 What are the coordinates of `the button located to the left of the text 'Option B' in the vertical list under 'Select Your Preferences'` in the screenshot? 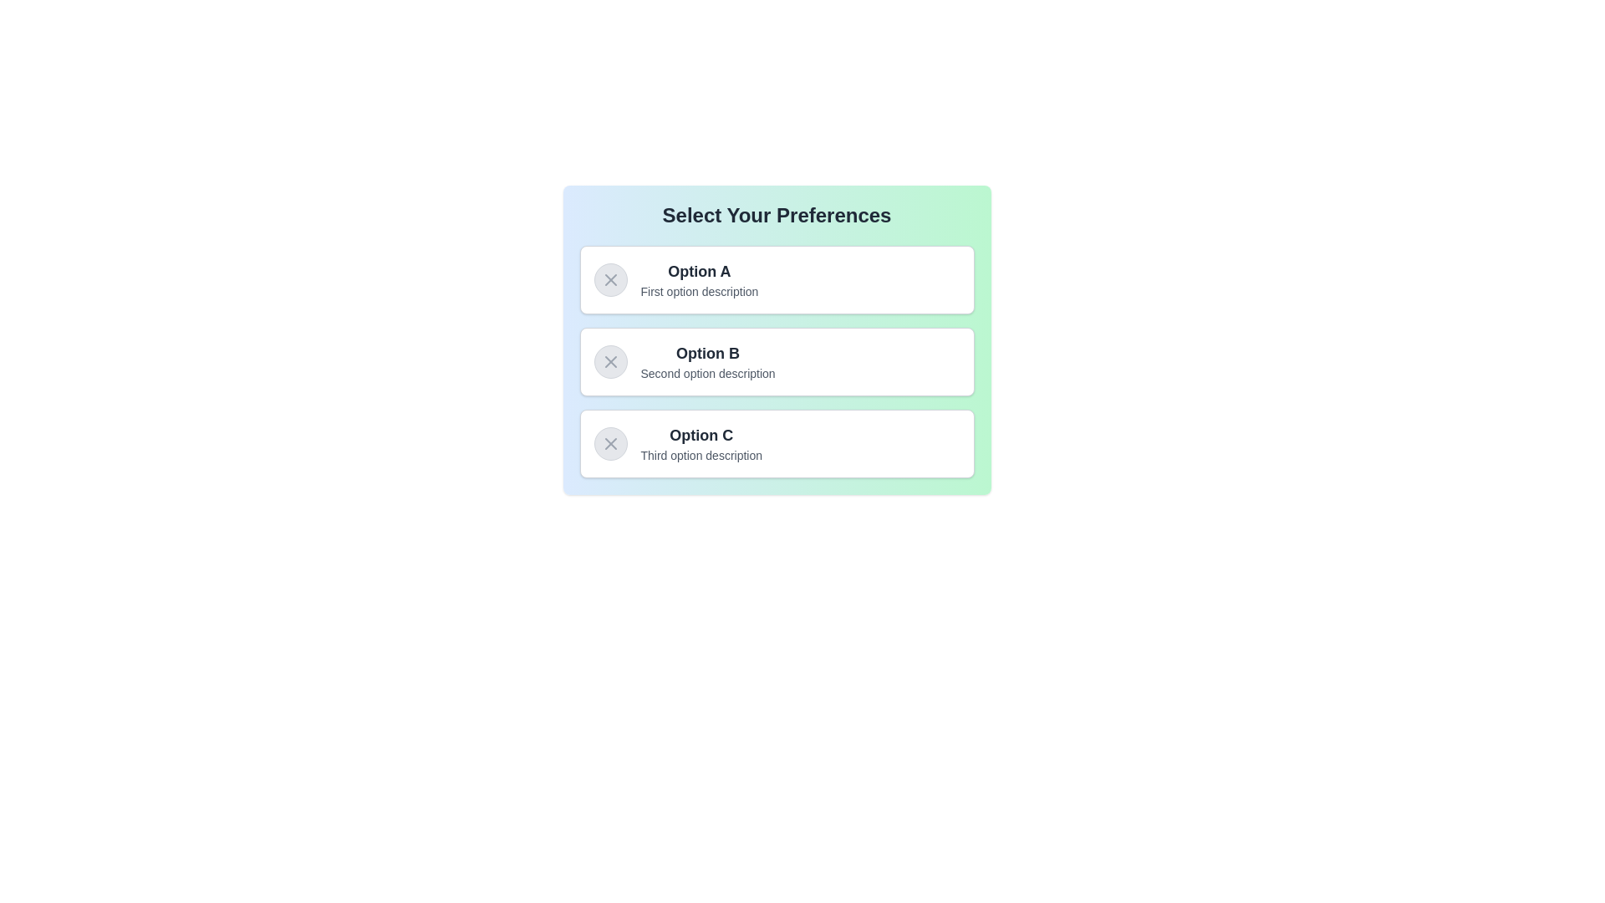 It's located at (609, 360).